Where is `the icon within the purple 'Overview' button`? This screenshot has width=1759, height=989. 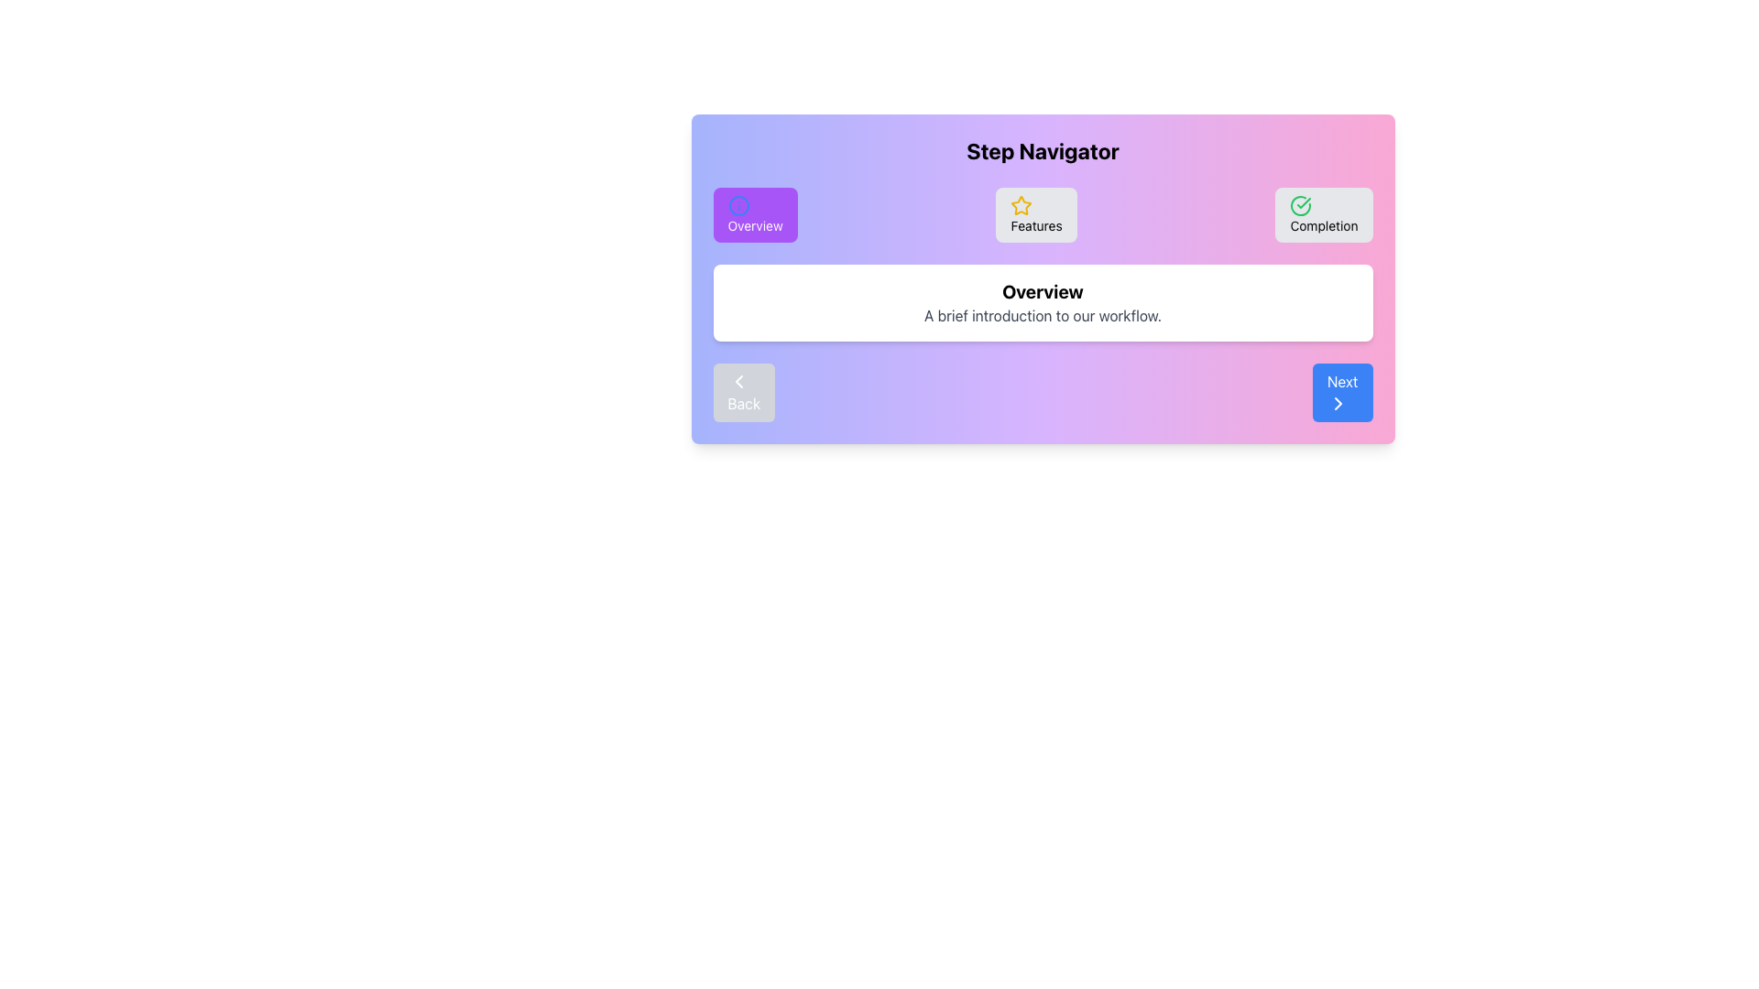
the icon within the purple 'Overview' button is located at coordinates (738, 205).